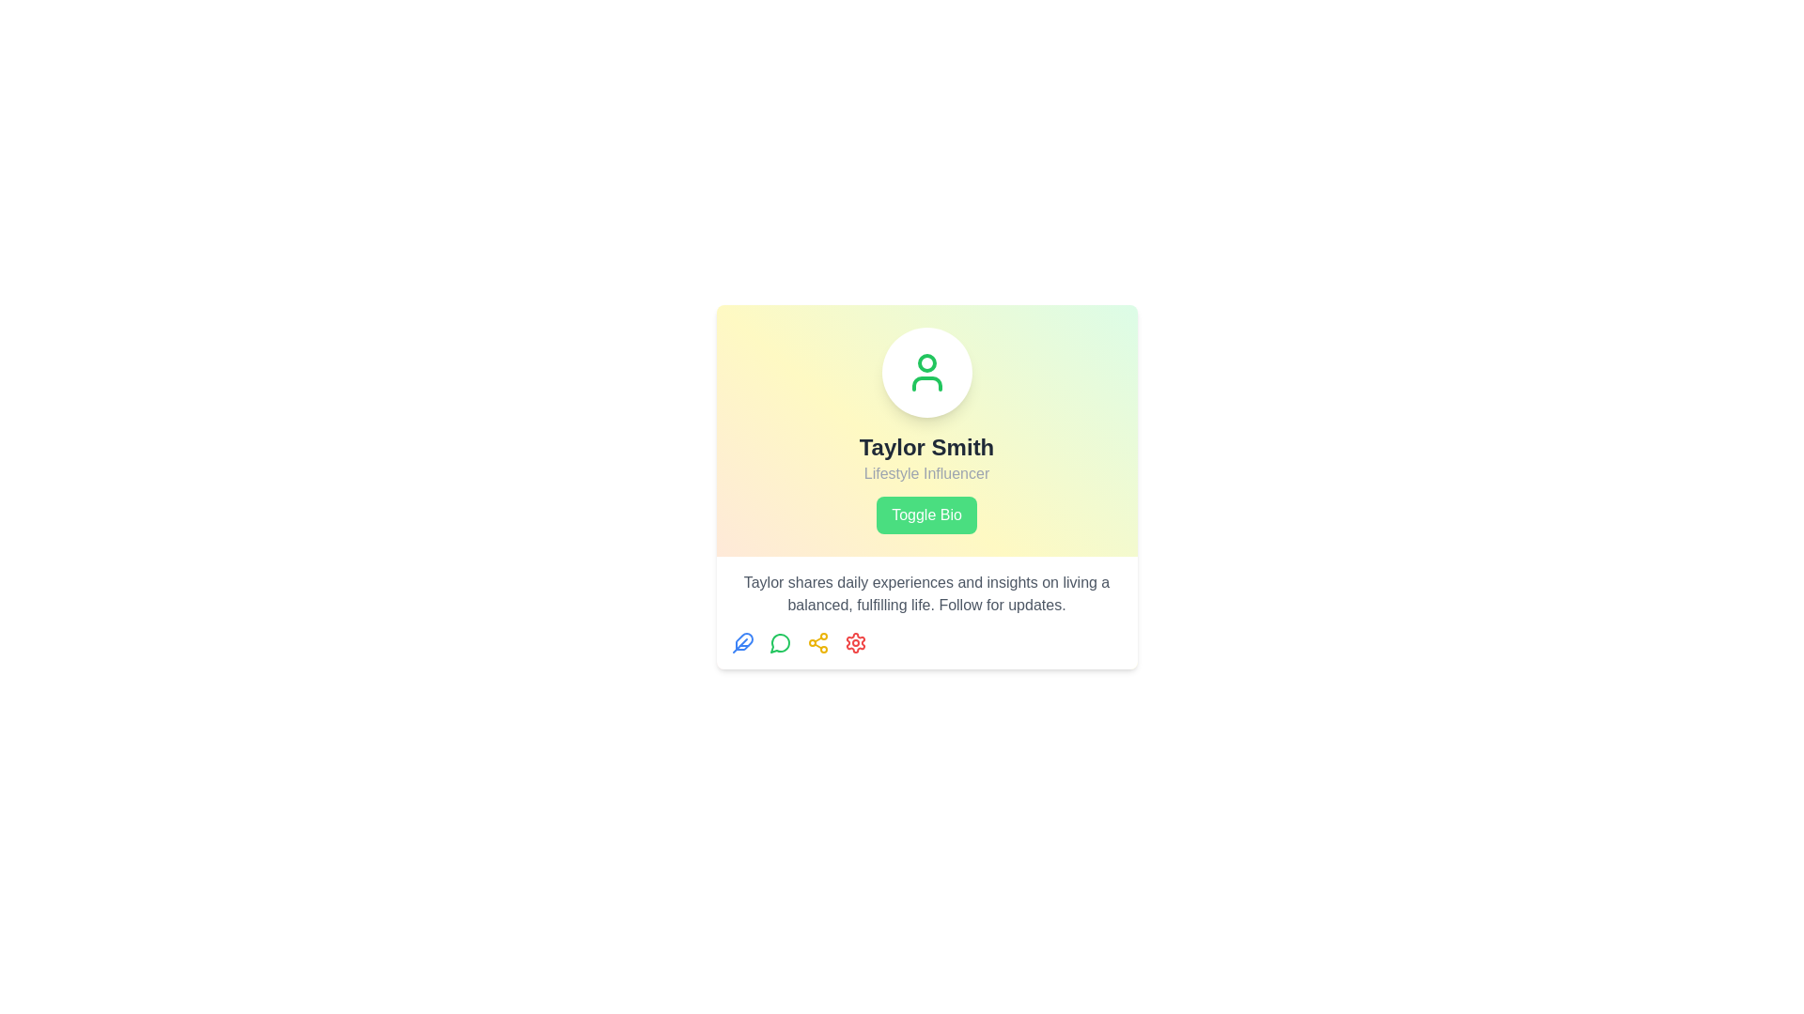  What do you see at coordinates (926, 373) in the screenshot?
I see `the 'lucide-user' SVG icon, which is green and centered above the text 'Taylor Smith'` at bounding box center [926, 373].